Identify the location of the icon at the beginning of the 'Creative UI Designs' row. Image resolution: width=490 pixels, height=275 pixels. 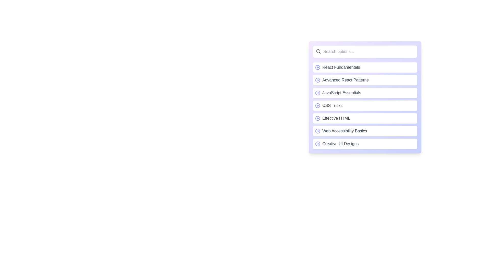
(317, 144).